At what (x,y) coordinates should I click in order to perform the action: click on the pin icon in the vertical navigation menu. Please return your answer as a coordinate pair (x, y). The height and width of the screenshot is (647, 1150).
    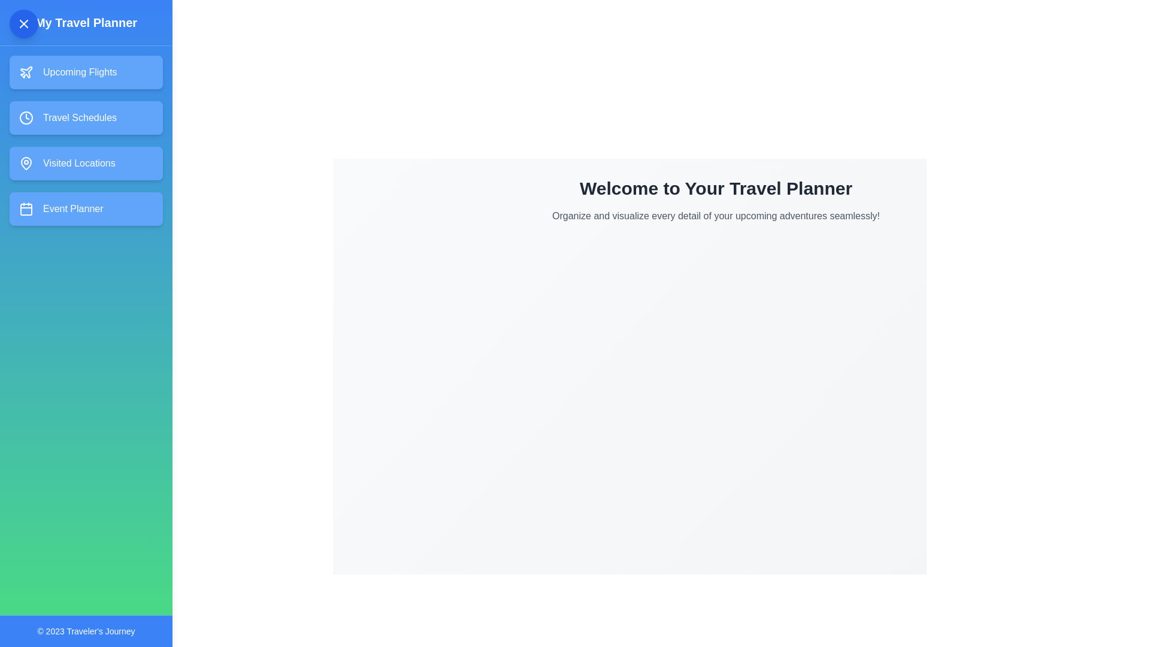
    Looking at the image, I should click on (26, 163).